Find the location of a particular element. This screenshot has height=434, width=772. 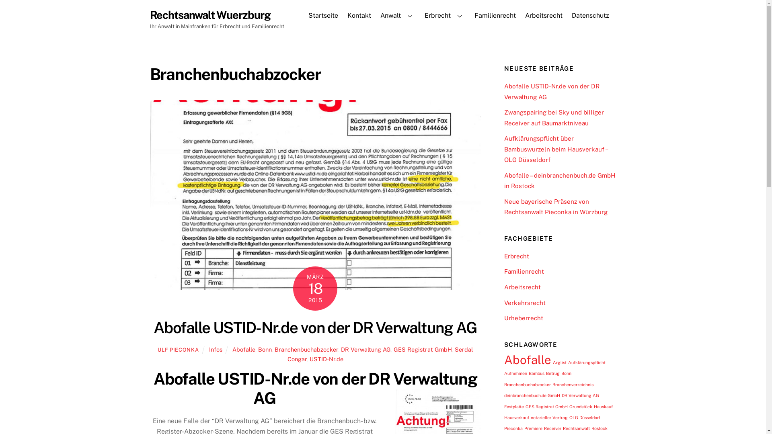

'Branchenbuchabzocker' is located at coordinates (527, 384).